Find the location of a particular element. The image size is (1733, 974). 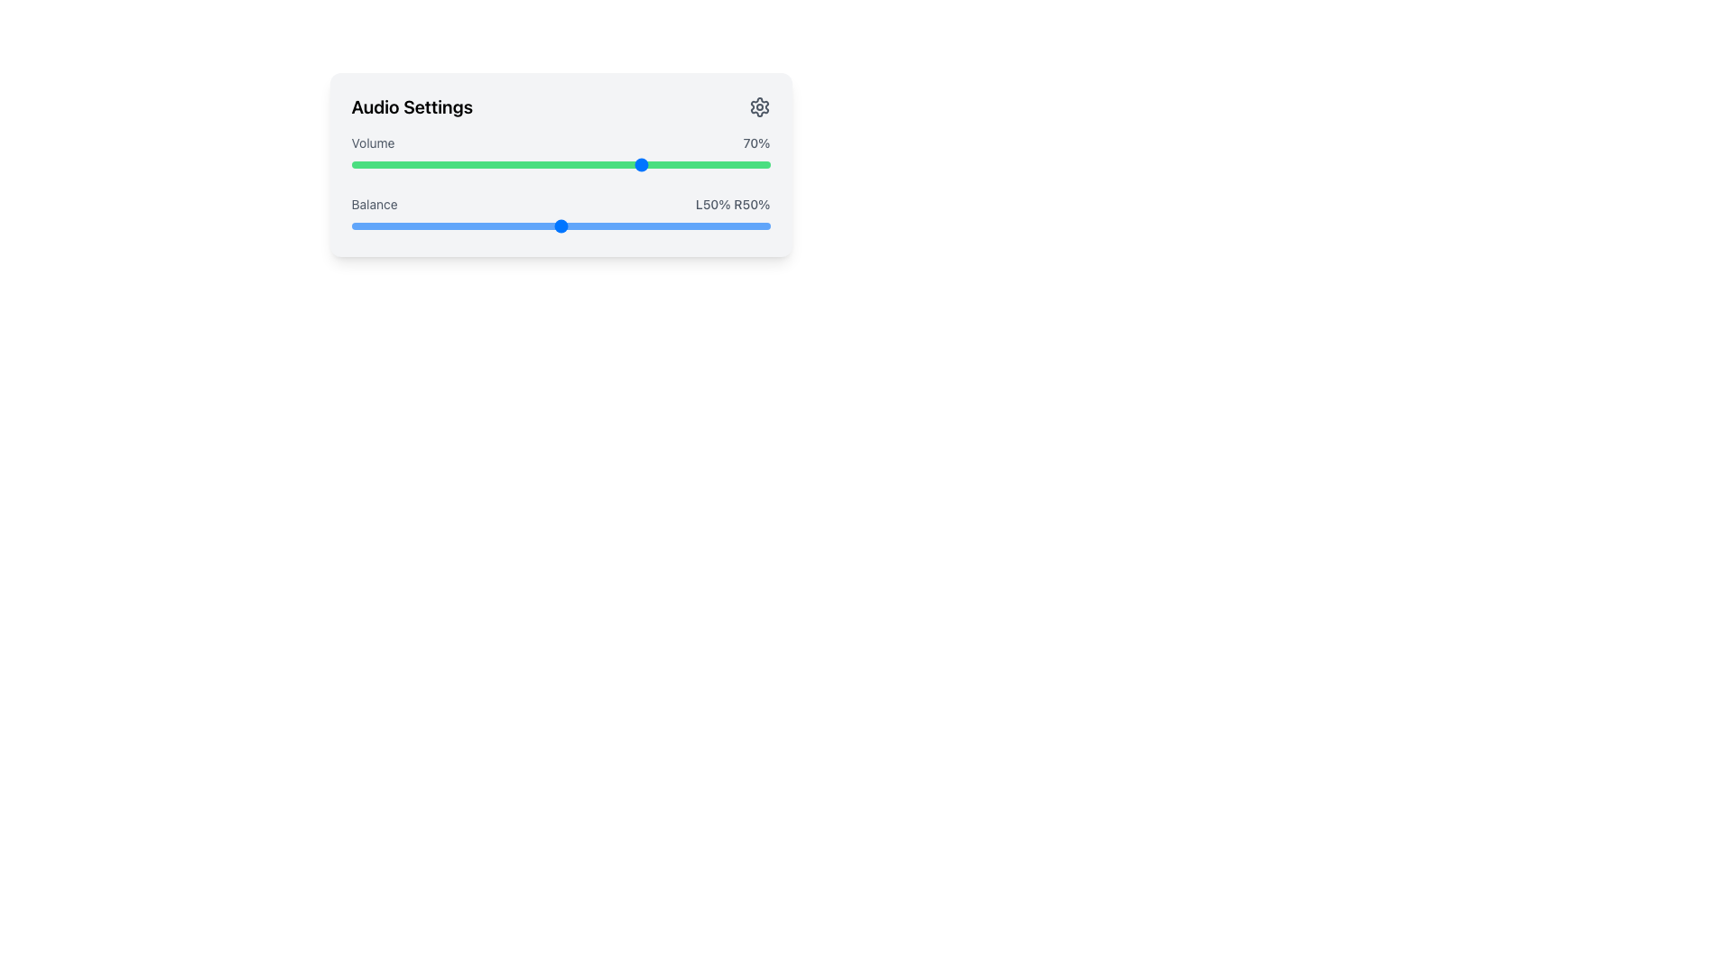

the gray gear icon representing settings, located is located at coordinates (759, 107).